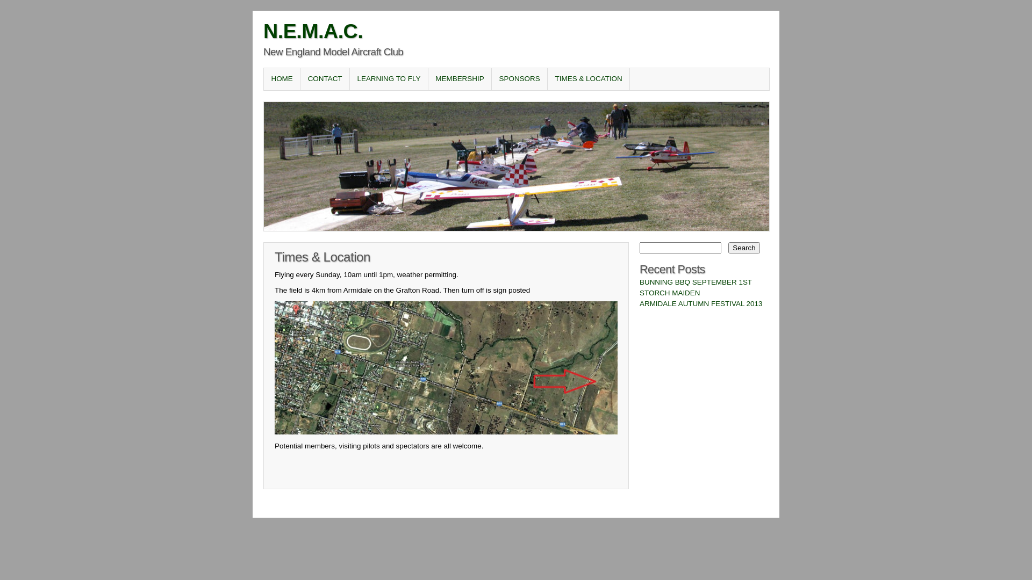 The width and height of the screenshot is (1032, 580). Describe the element at coordinates (427, 78) in the screenshot. I see `'MEMBERSHIP'` at that location.